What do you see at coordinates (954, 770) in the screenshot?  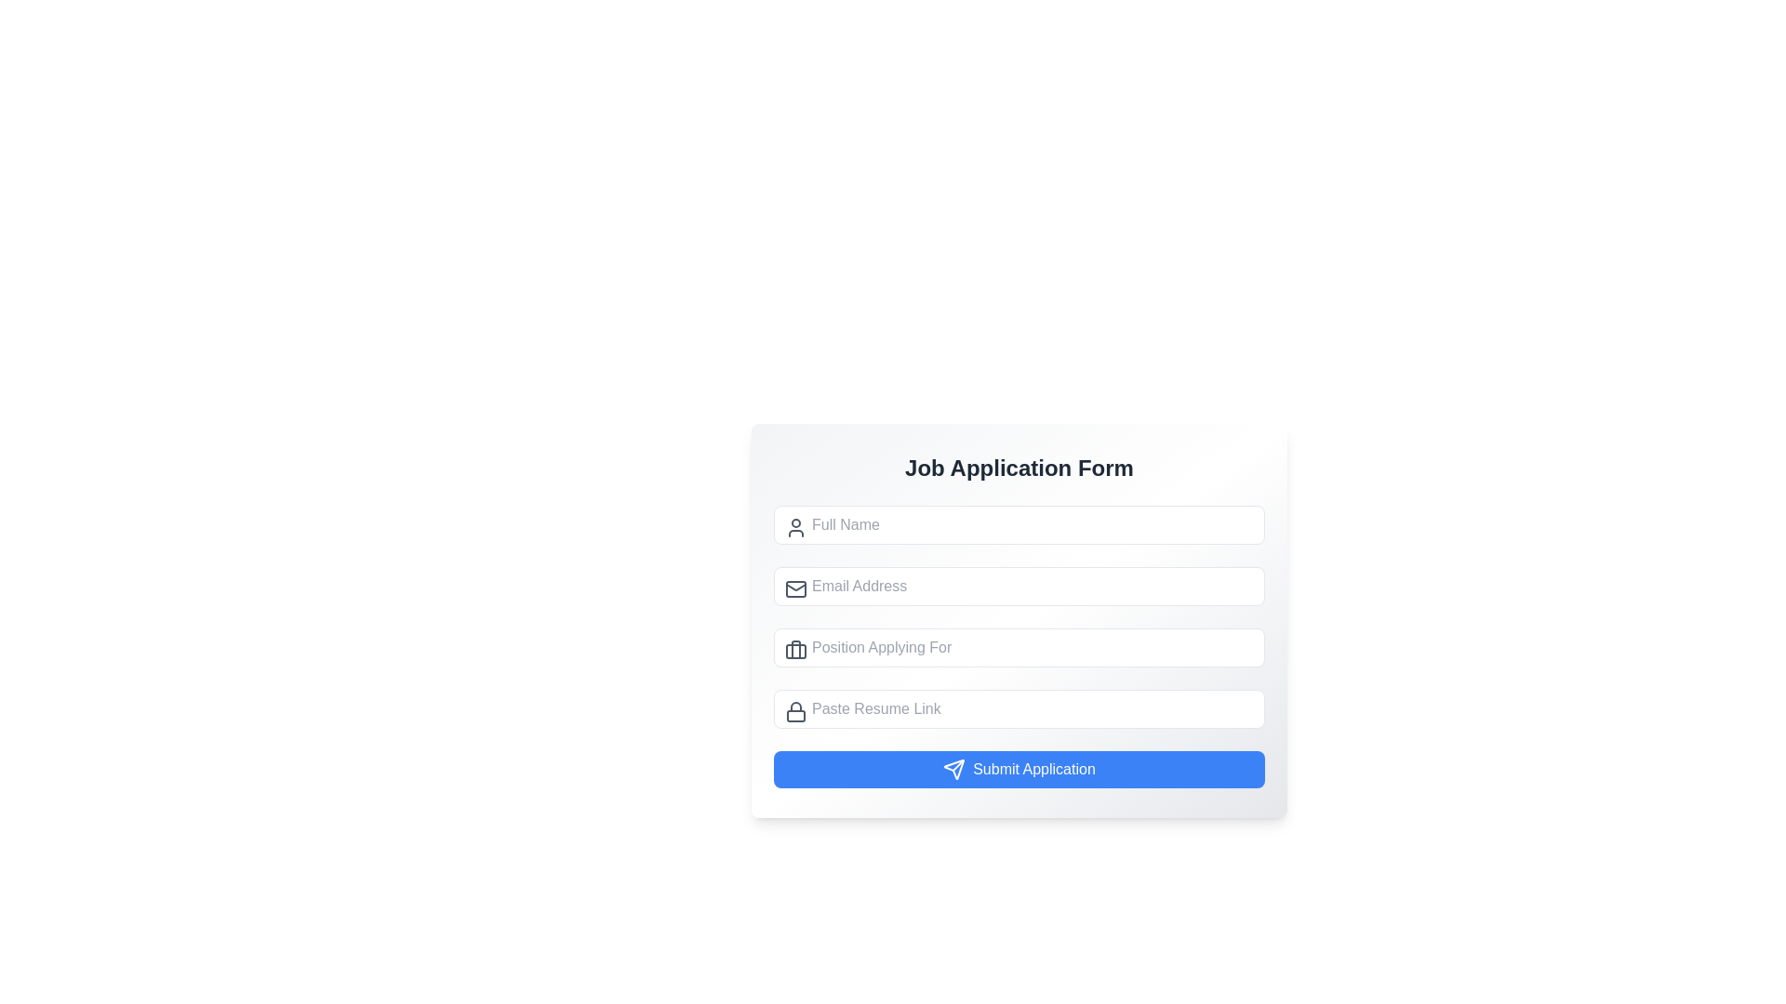 I see `the paper-plane-shaped icon with a white outline, located to the left of the 'Submit Application' button` at bounding box center [954, 770].